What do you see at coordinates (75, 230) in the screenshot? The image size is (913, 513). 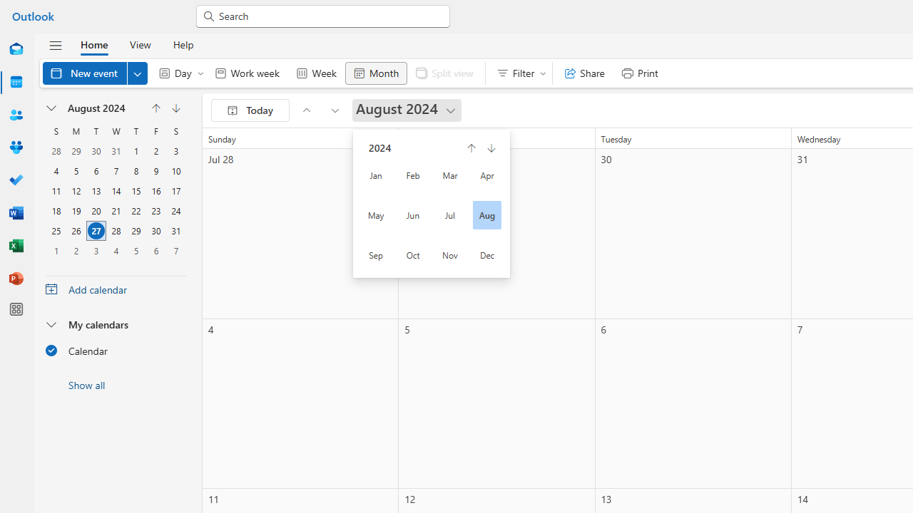 I see `'26, August, 2024'` at bounding box center [75, 230].